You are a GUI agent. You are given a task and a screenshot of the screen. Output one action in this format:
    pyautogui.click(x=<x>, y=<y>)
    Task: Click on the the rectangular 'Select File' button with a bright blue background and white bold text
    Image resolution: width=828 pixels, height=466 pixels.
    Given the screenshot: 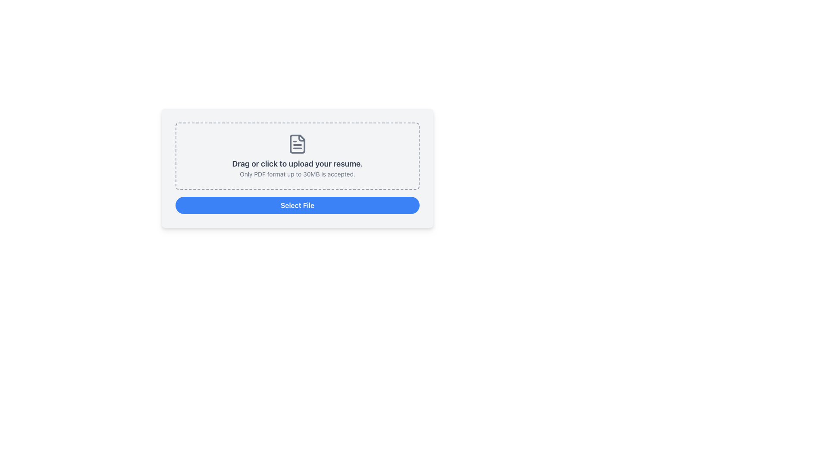 What is the action you would take?
    pyautogui.click(x=298, y=205)
    